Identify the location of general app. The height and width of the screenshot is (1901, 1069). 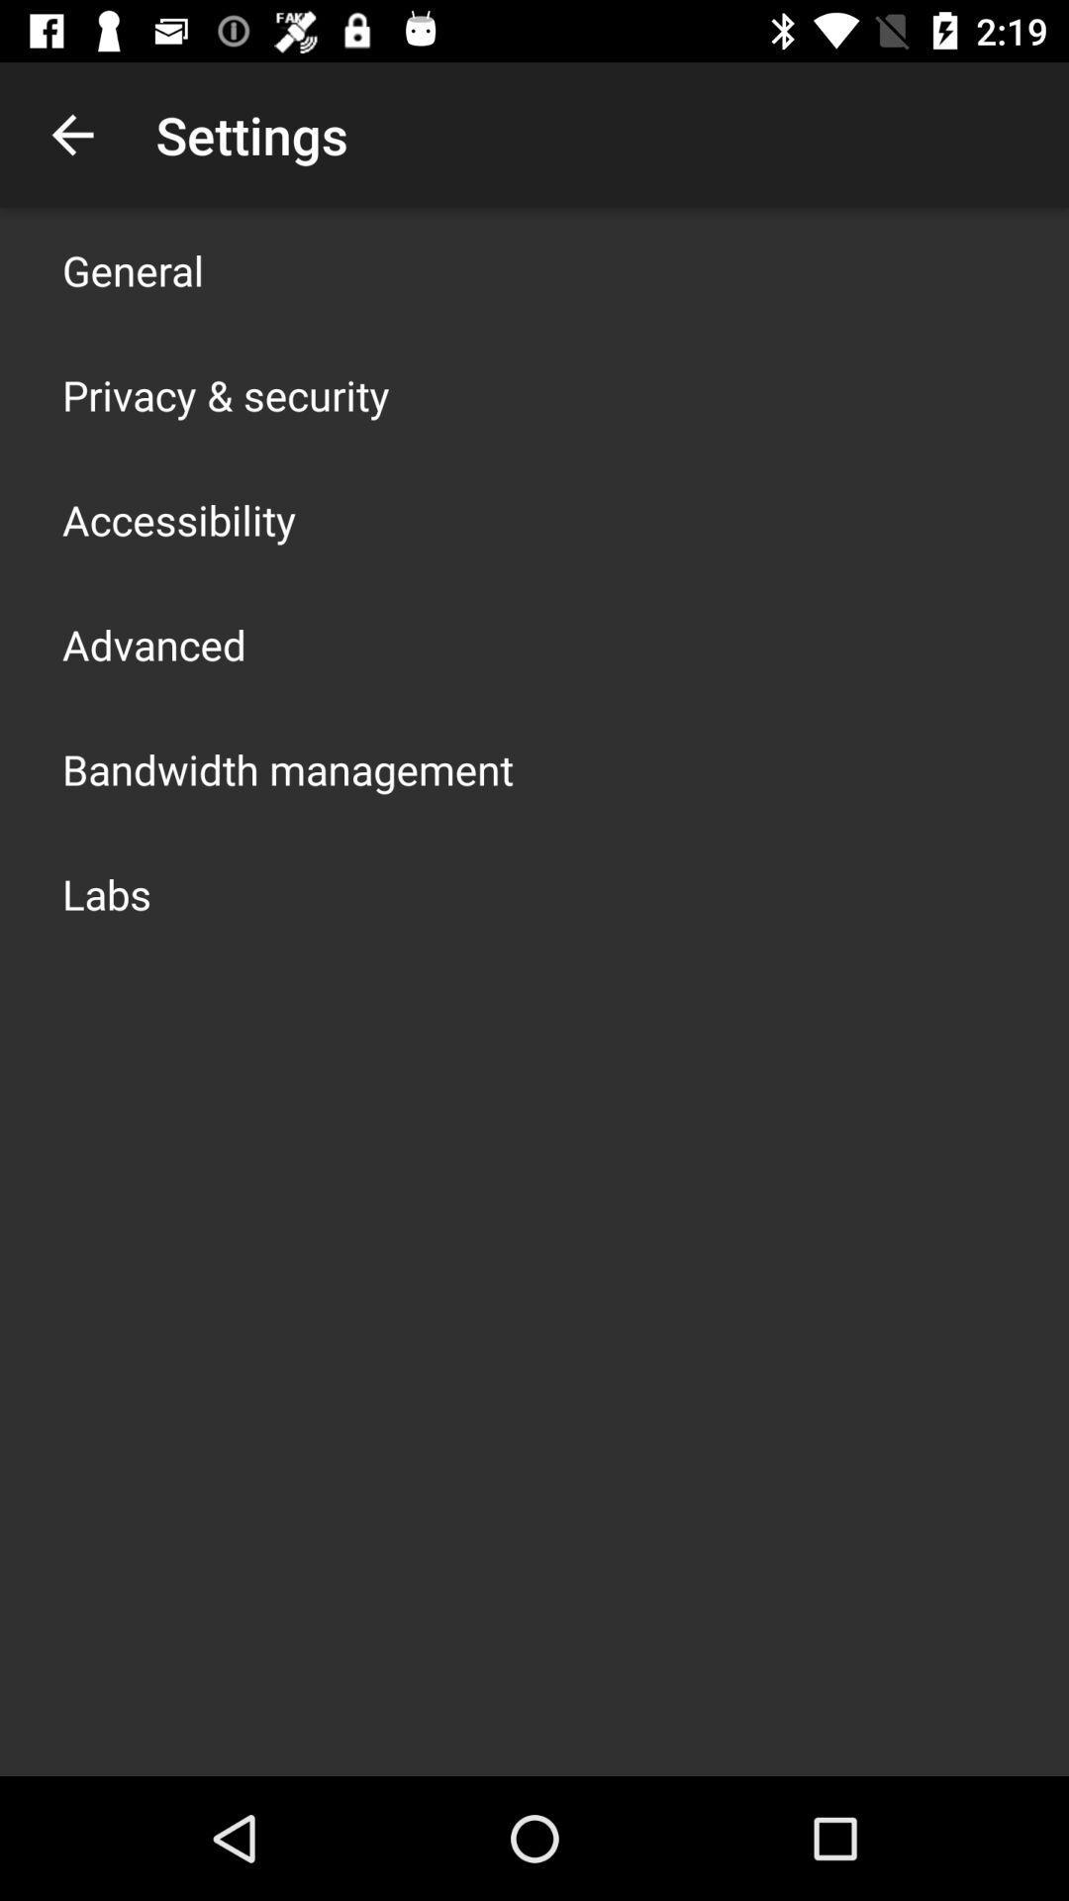
(133, 269).